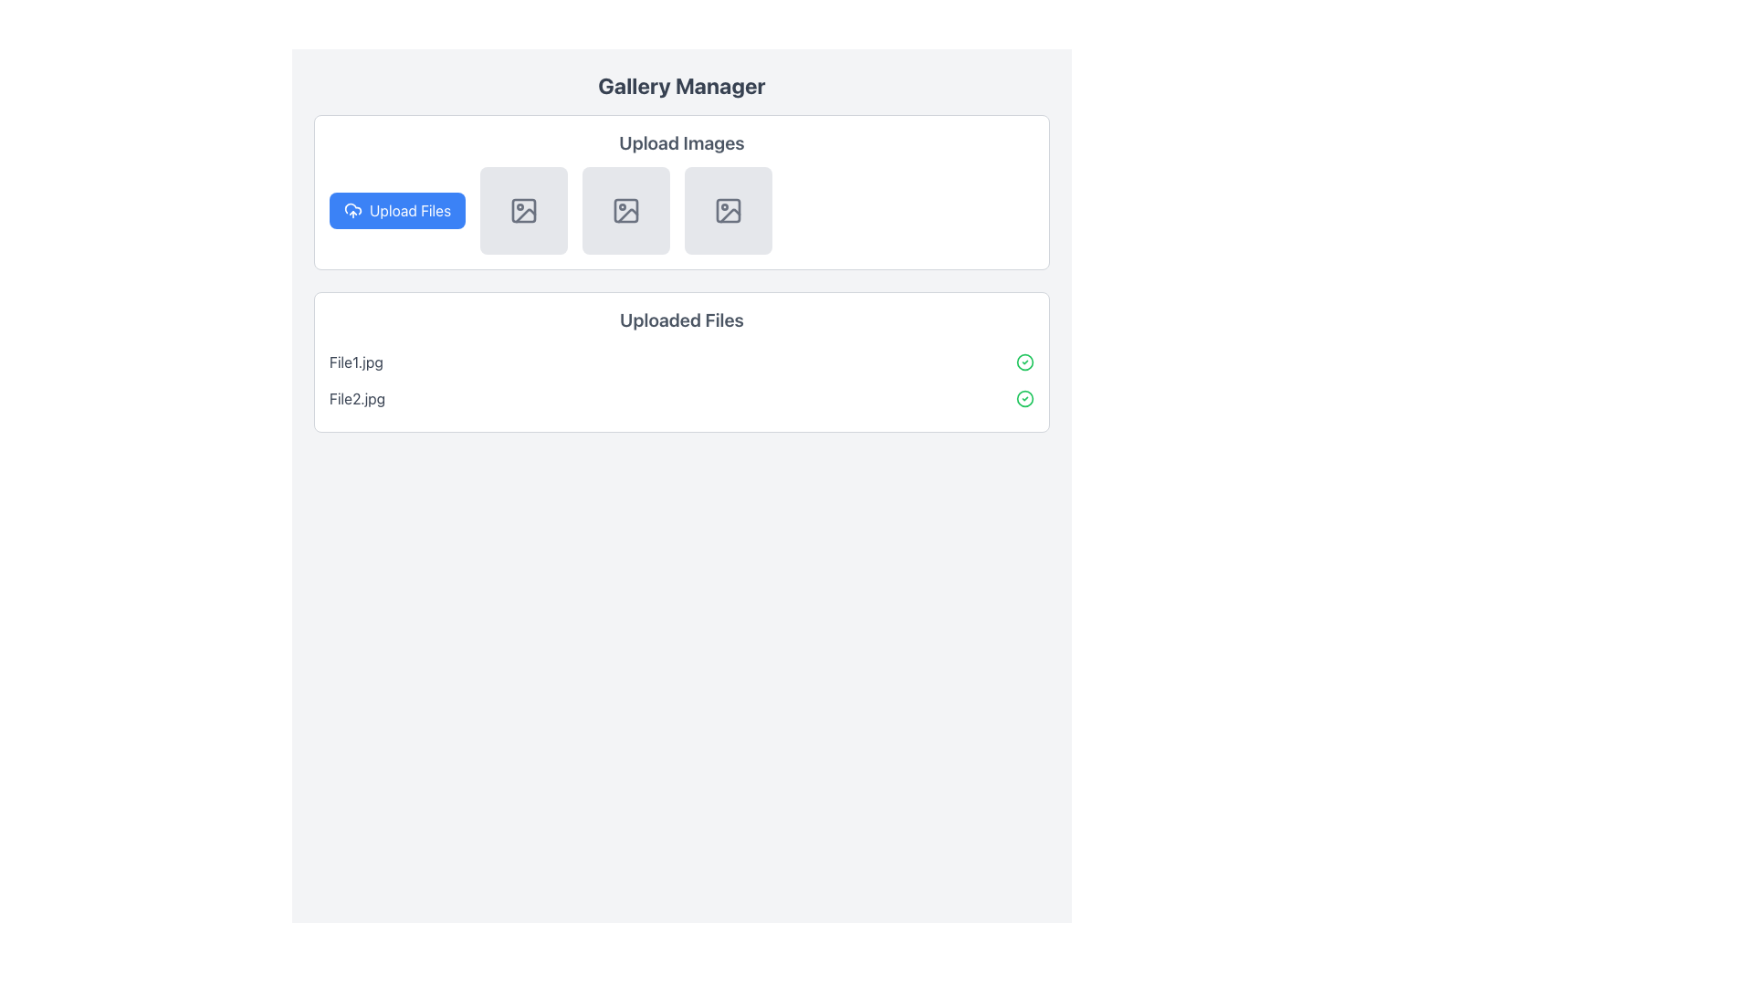  What do you see at coordinates (353, 208) in the screenshot?
I see `the cloud storage icon located adjacent to the 'Upload Files' button in the 'Upload Images' section` at bounding box center [353, 208].